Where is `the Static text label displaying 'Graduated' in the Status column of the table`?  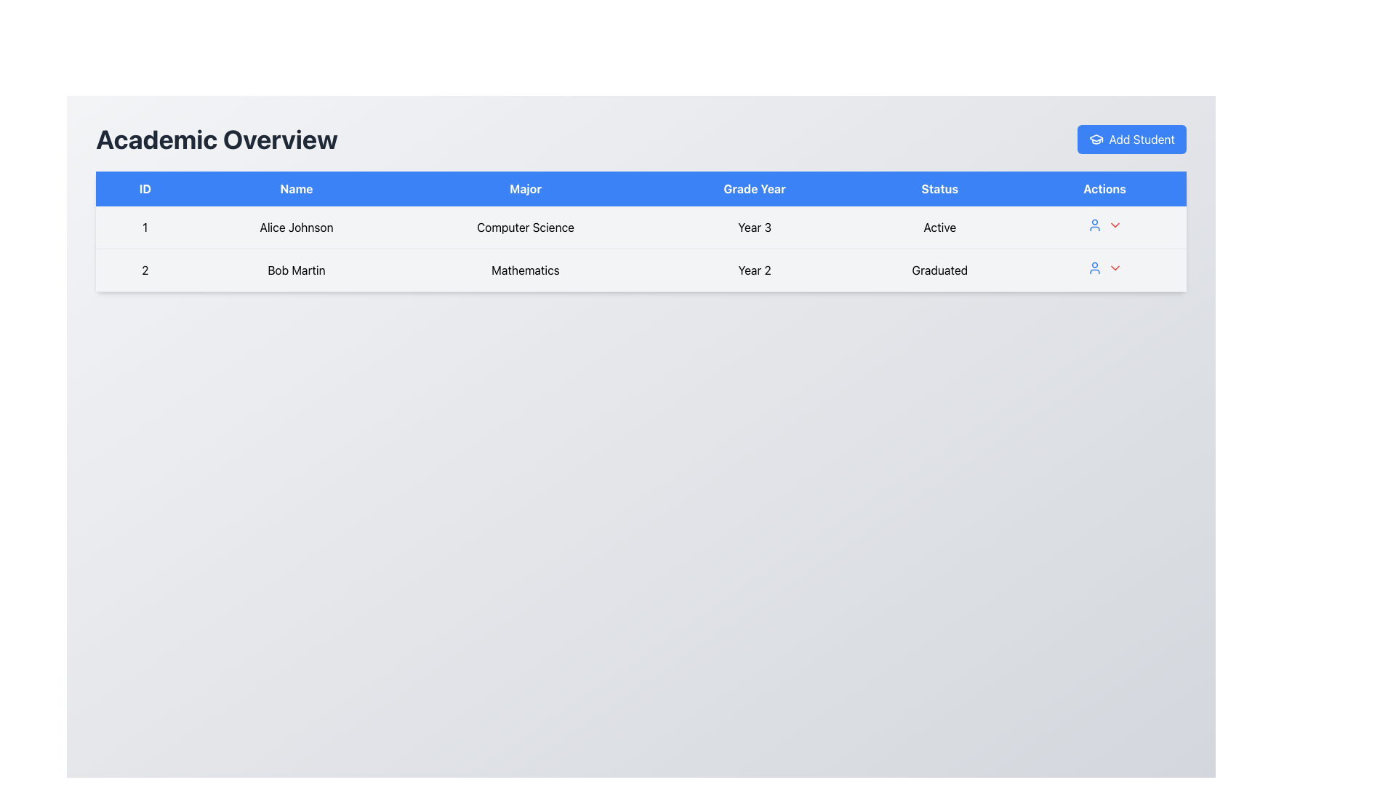
the Static text label displaying 'Graduated' in the Status column of the table is located at coordinates (939, 270).